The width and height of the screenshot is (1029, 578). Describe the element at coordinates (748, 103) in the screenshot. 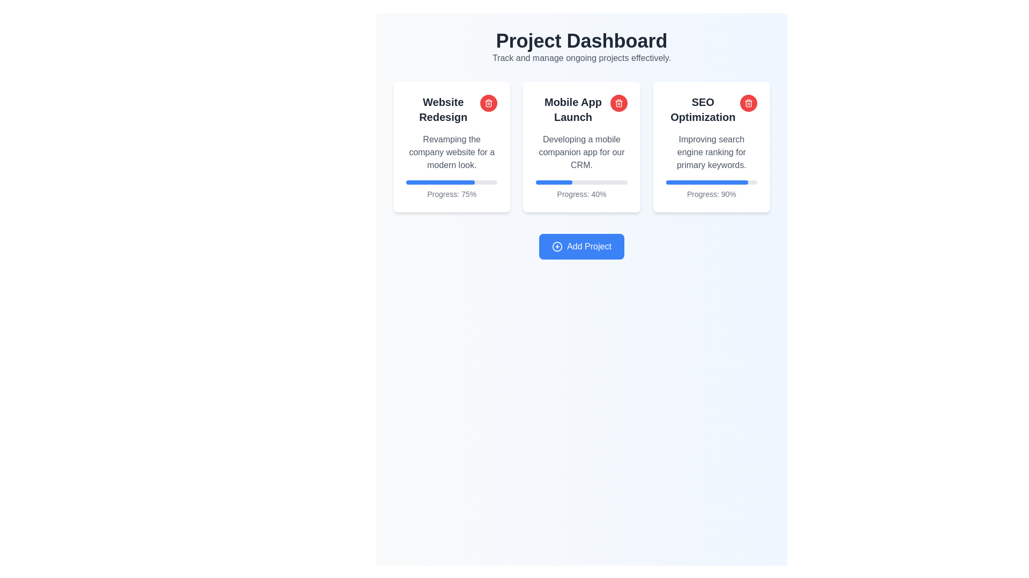

I see `the circular red button with a white trash bin icon located at the top right of the 'SEO Optimization' card` at that location.